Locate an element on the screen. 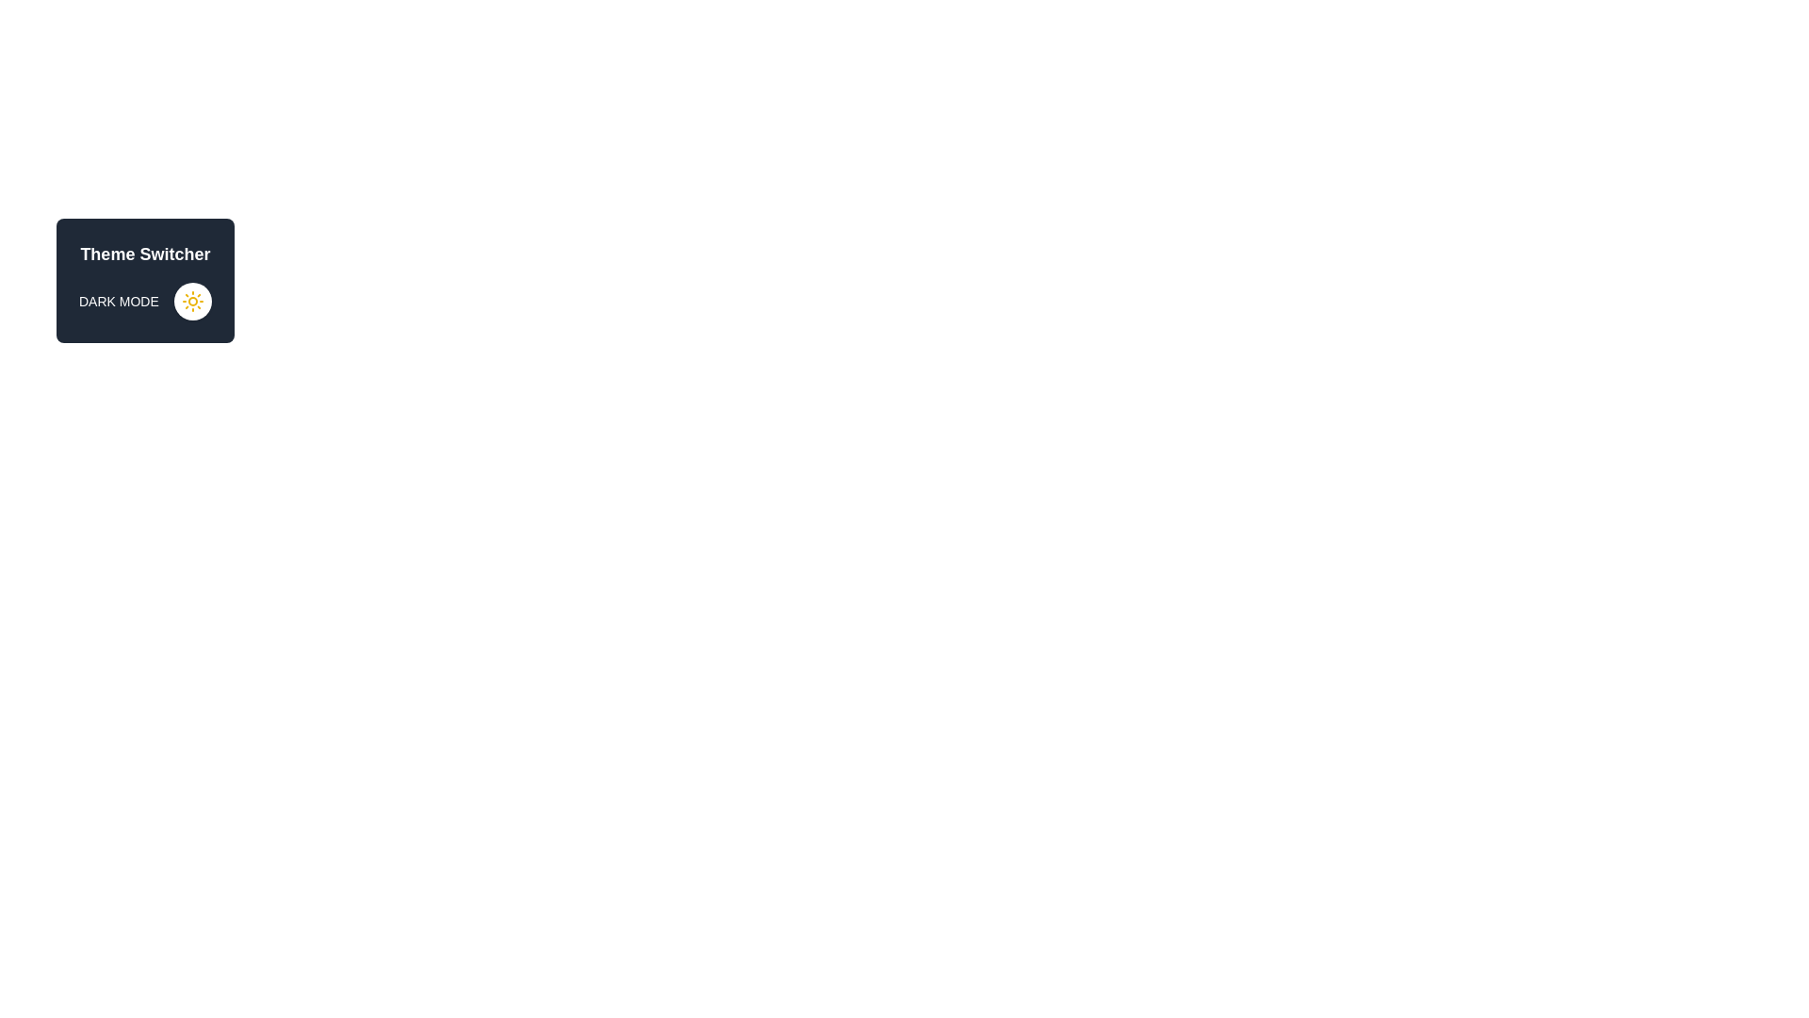 This screenshot has width=1809, height=1018. the sun icon within the rounded square button located at the bottom right corner of the 'Theme Switcher' card is located at coordinates (192, 301).